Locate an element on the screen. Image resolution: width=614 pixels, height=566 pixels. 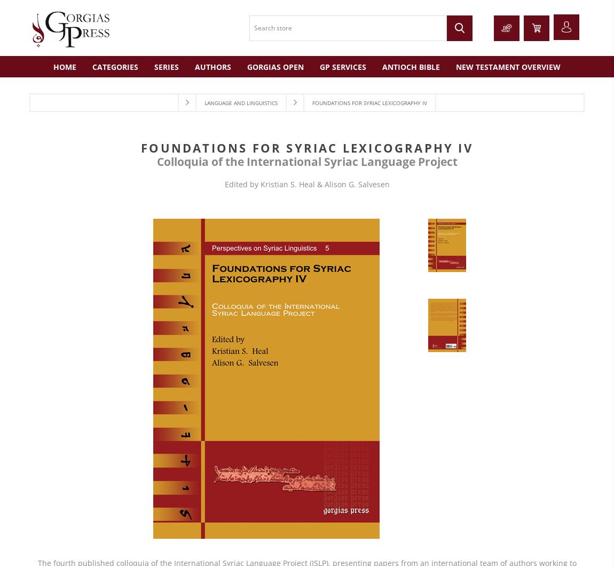
'New Testament Overview' is located at coordinates (508, 66).